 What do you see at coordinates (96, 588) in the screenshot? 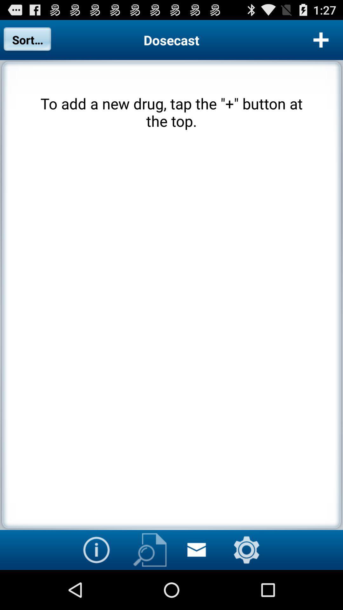
I see `the info icon` at bounding box center [96, 588].